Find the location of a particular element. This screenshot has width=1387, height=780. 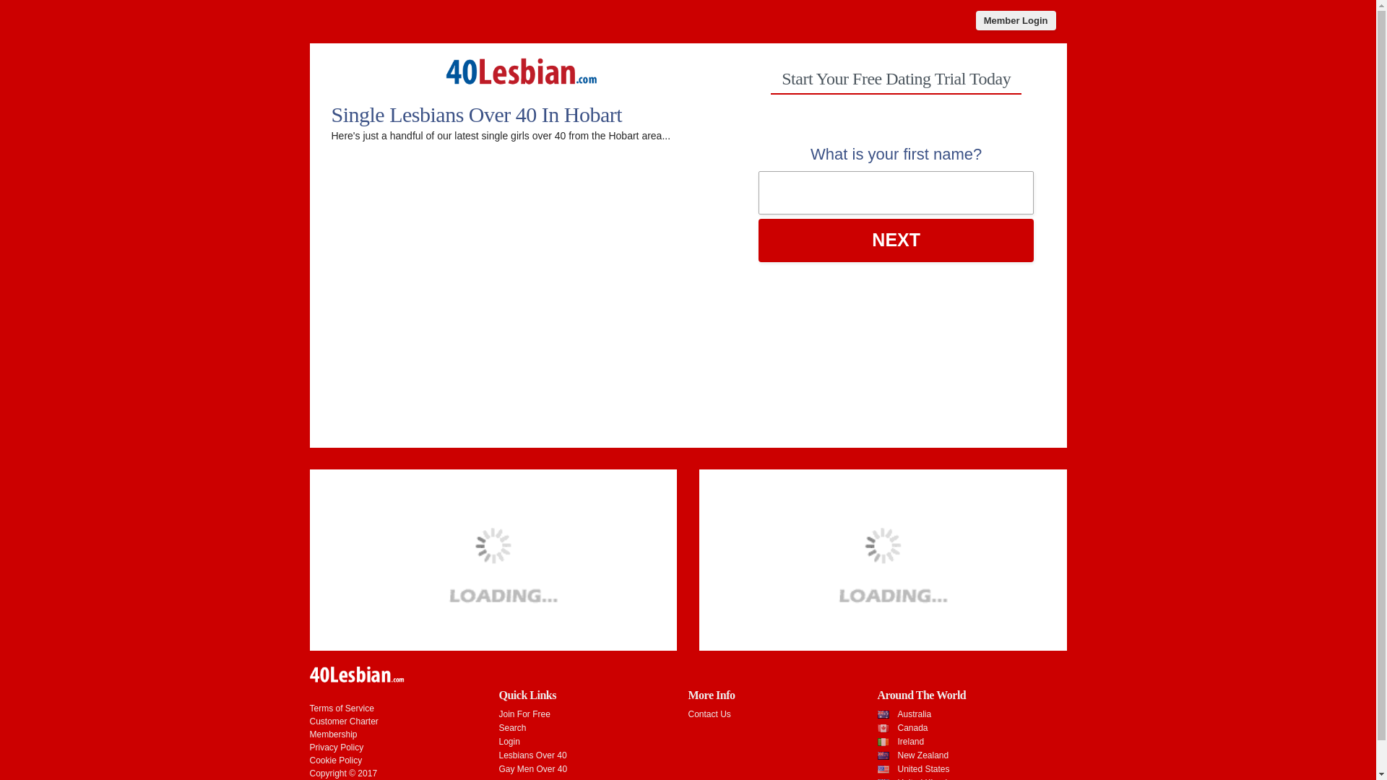

'Australia' is located at coordinates (913, 713).